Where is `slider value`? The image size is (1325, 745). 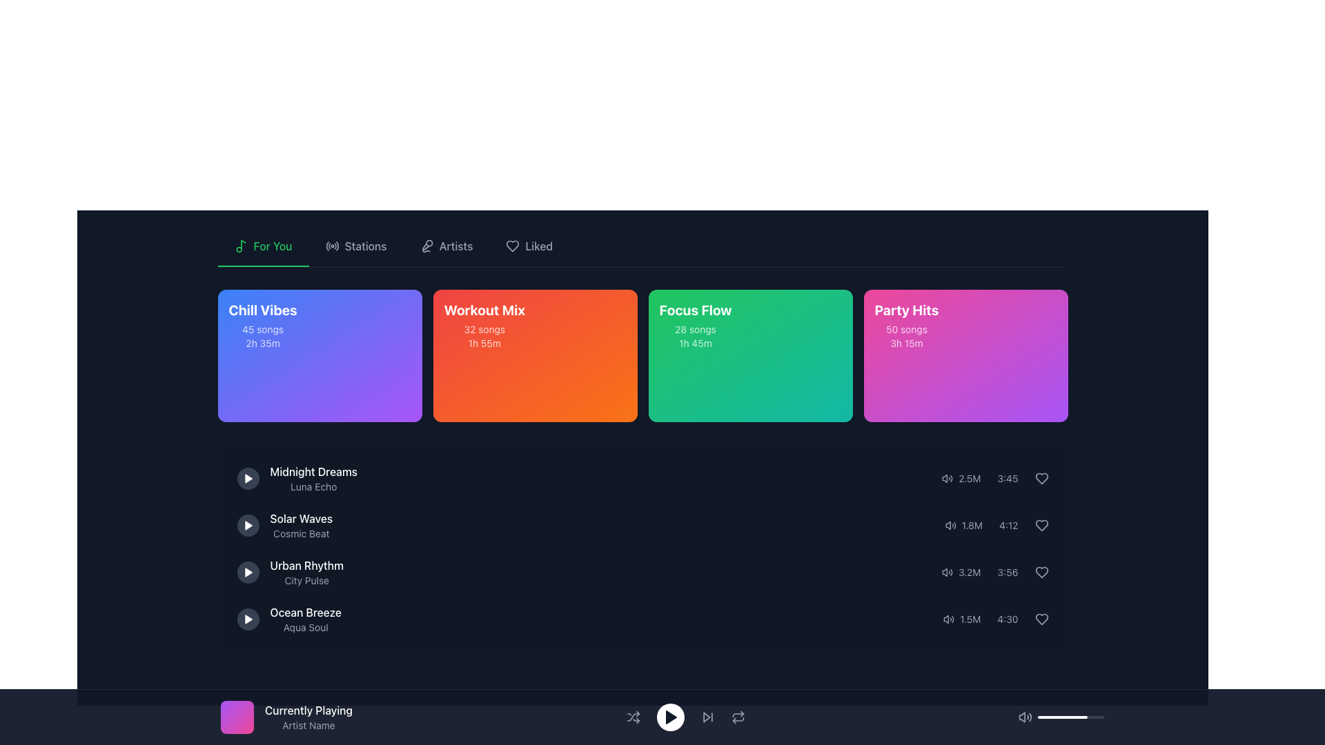
slider value is located at coordinates (1065, 717).